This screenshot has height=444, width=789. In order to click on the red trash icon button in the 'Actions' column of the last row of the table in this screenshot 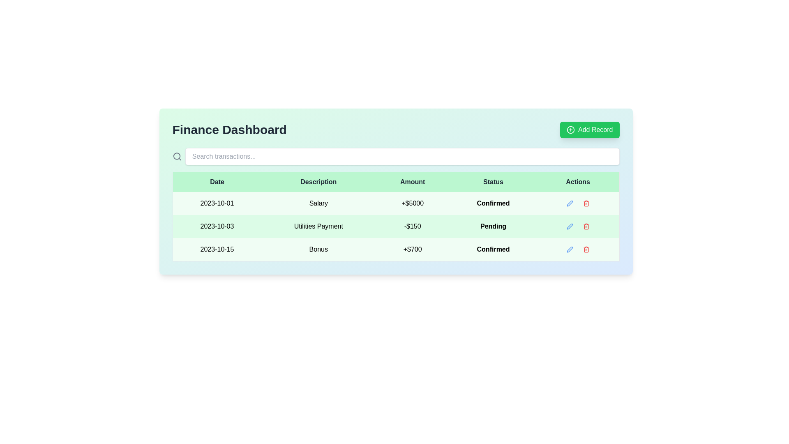, I will do `click(586, 249)`.